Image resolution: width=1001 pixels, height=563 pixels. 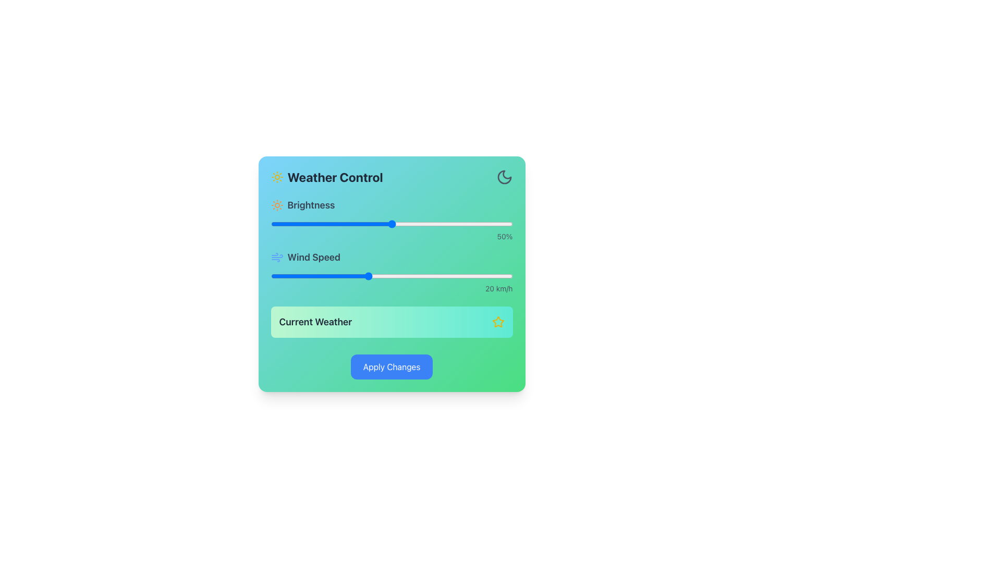 I want to click on brightness, so click(x=430, y=223).